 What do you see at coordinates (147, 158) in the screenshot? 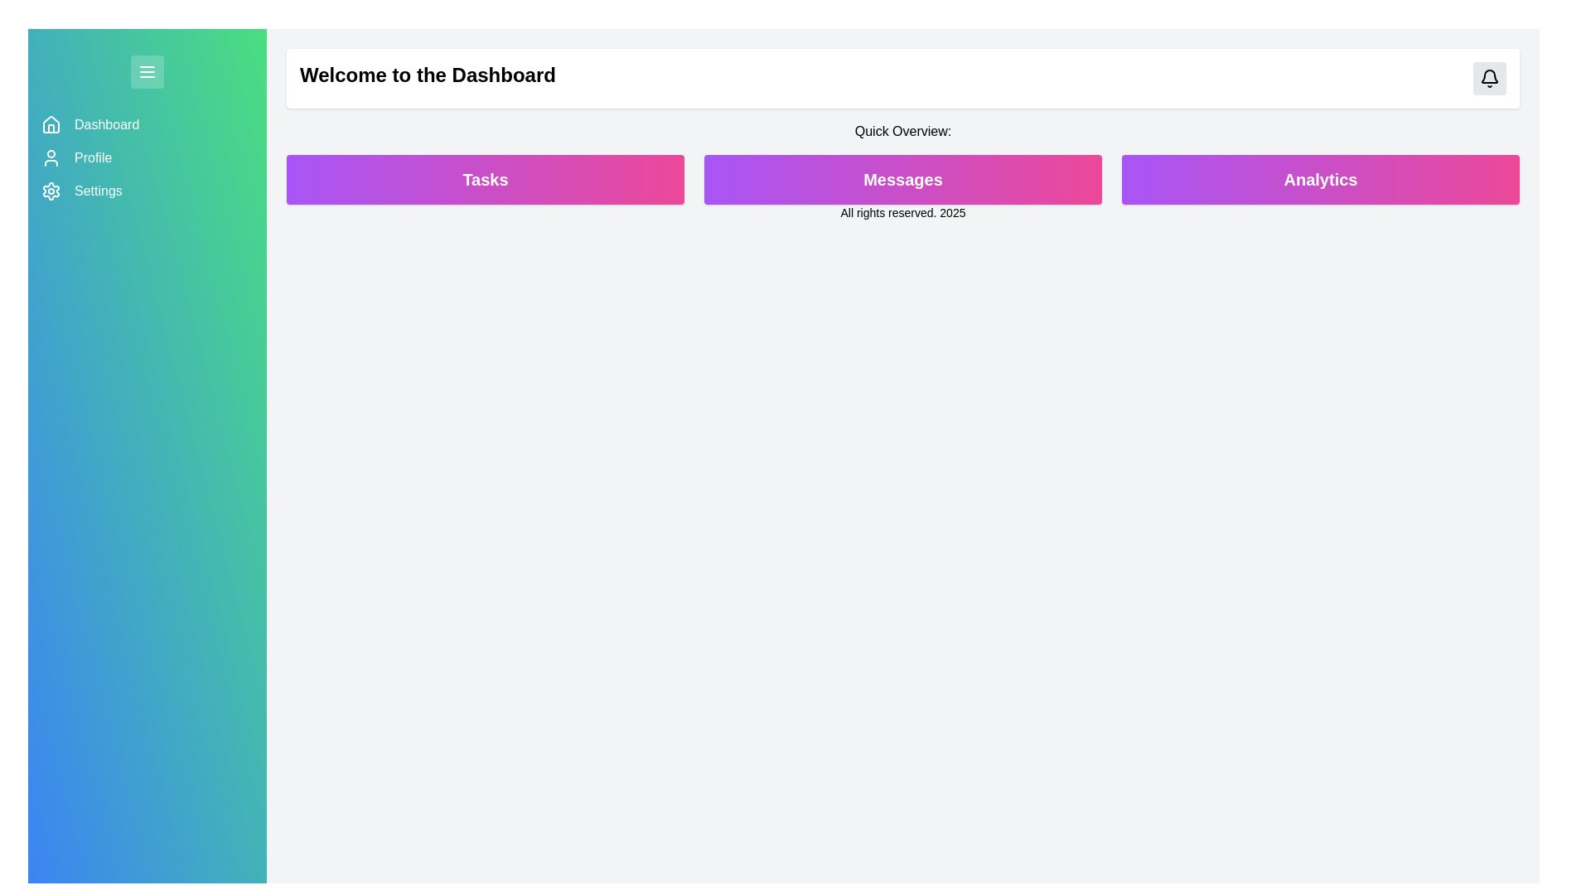
I see `the 'Profile' sidebar menu item` at bounding box center [147, 158].